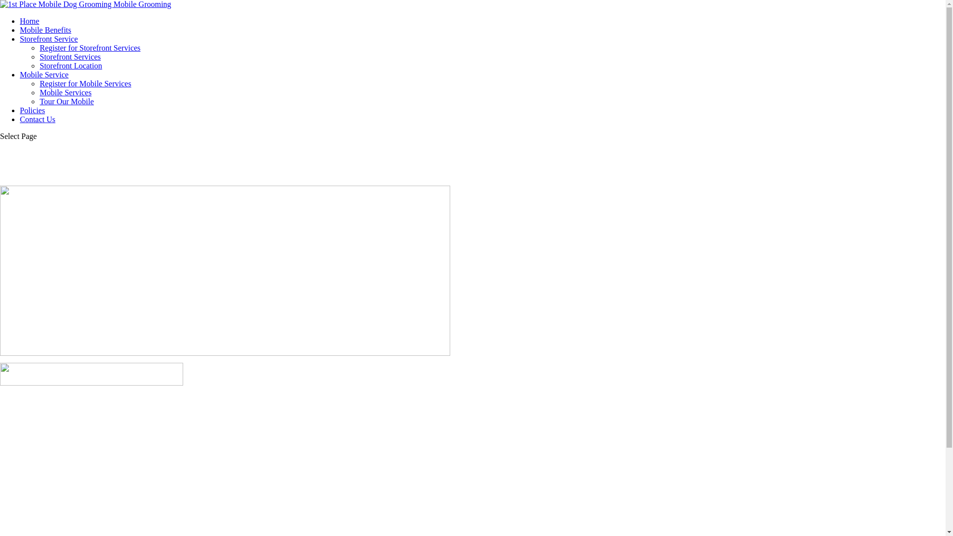  I want to click on 'Register for Storefront Services', so click(40, 48).